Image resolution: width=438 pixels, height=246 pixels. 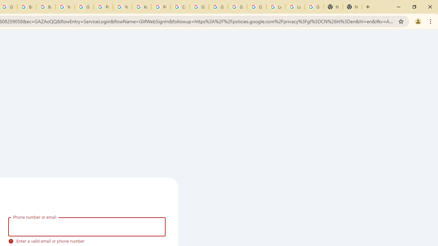 I want to click on 'New Tab', so click(x=333, y=7).